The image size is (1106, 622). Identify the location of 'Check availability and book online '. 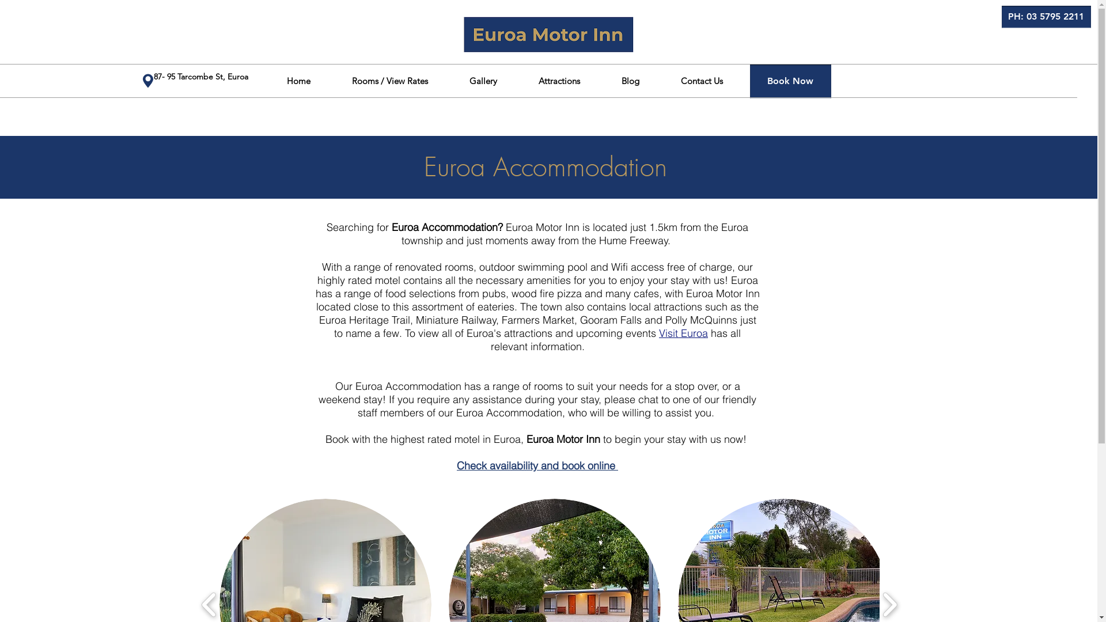
(536, 465).